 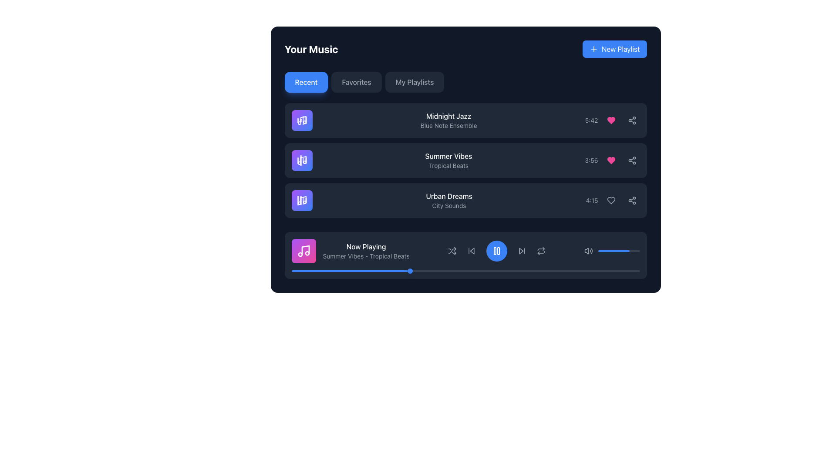 What do you see at coordinates (522, 251) in the screenshot?
I see `the button that skips to the next track in the playlist, positioned as the fourth control from the left in the media player` at bounding box center [522, 251].